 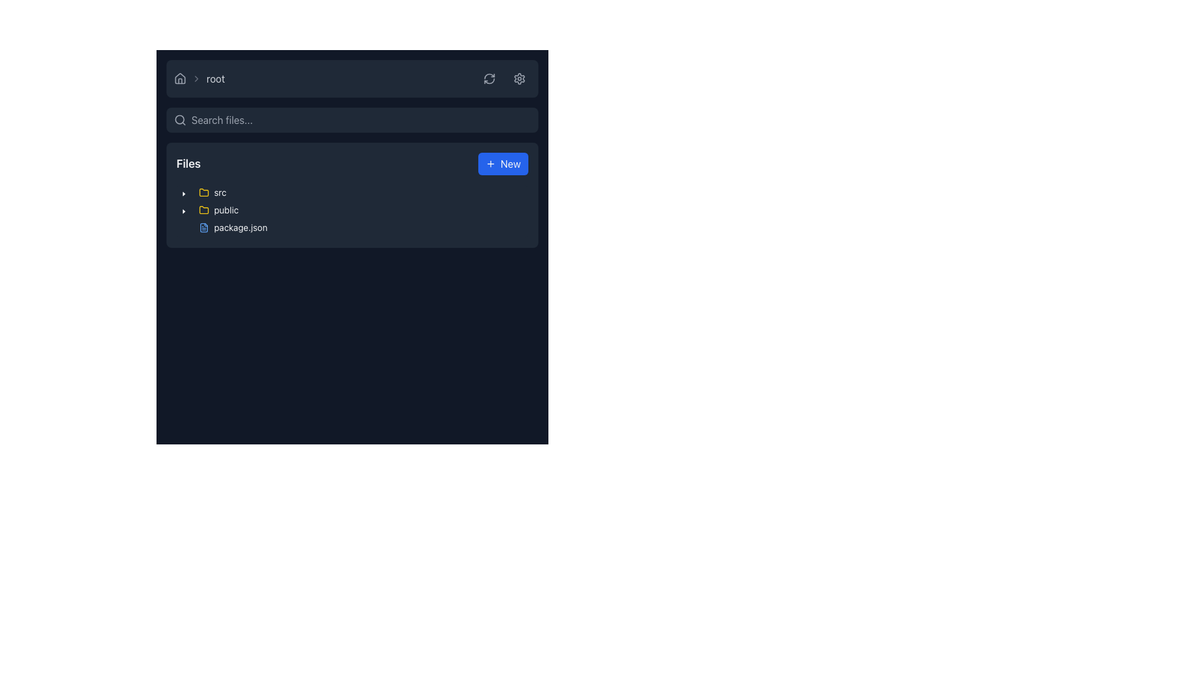 I want to click on the house icon located on the left side of the navigation bar, adjacent, so click(x=180, y=78).